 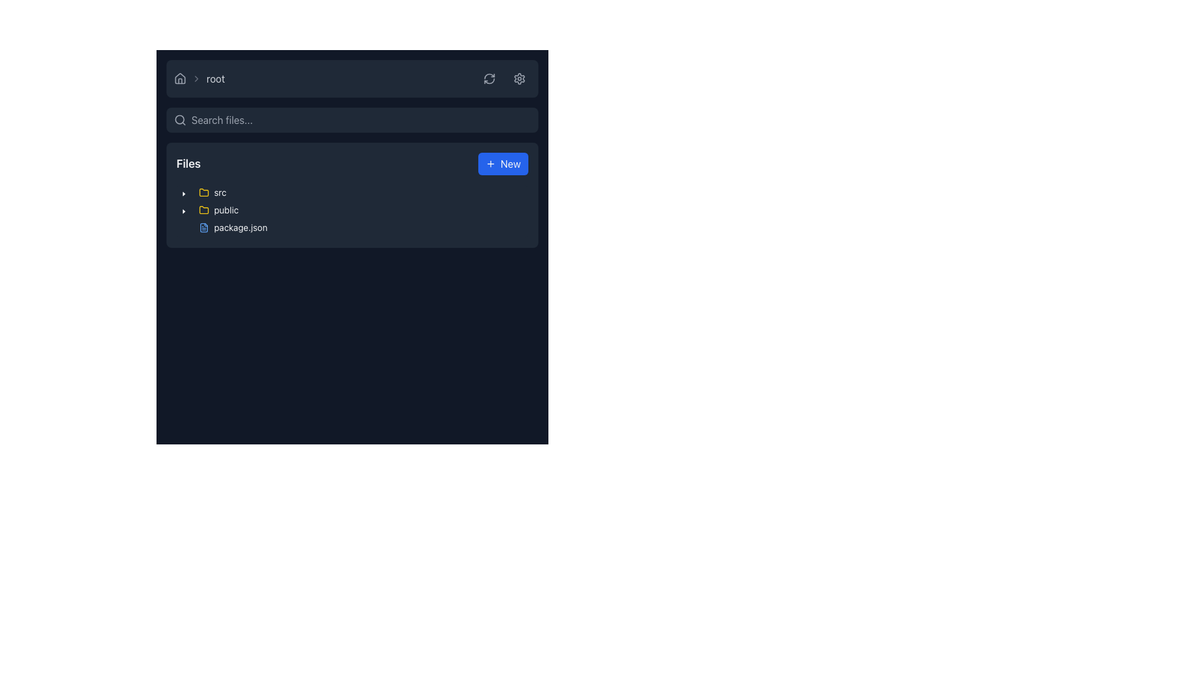 I want to click on the house icon located on the left side of the navigation bar, adjacent, so click(x=180, y=78).